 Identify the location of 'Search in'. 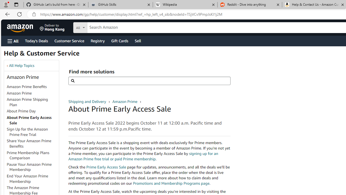
(100, 27).